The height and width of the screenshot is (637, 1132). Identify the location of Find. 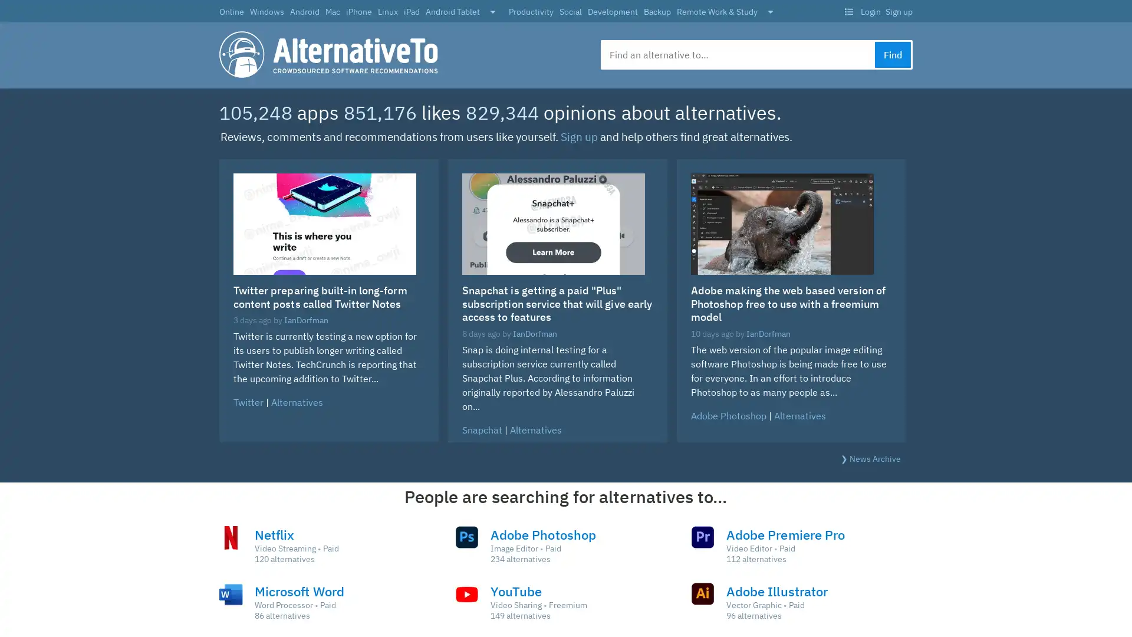
(893, 54).